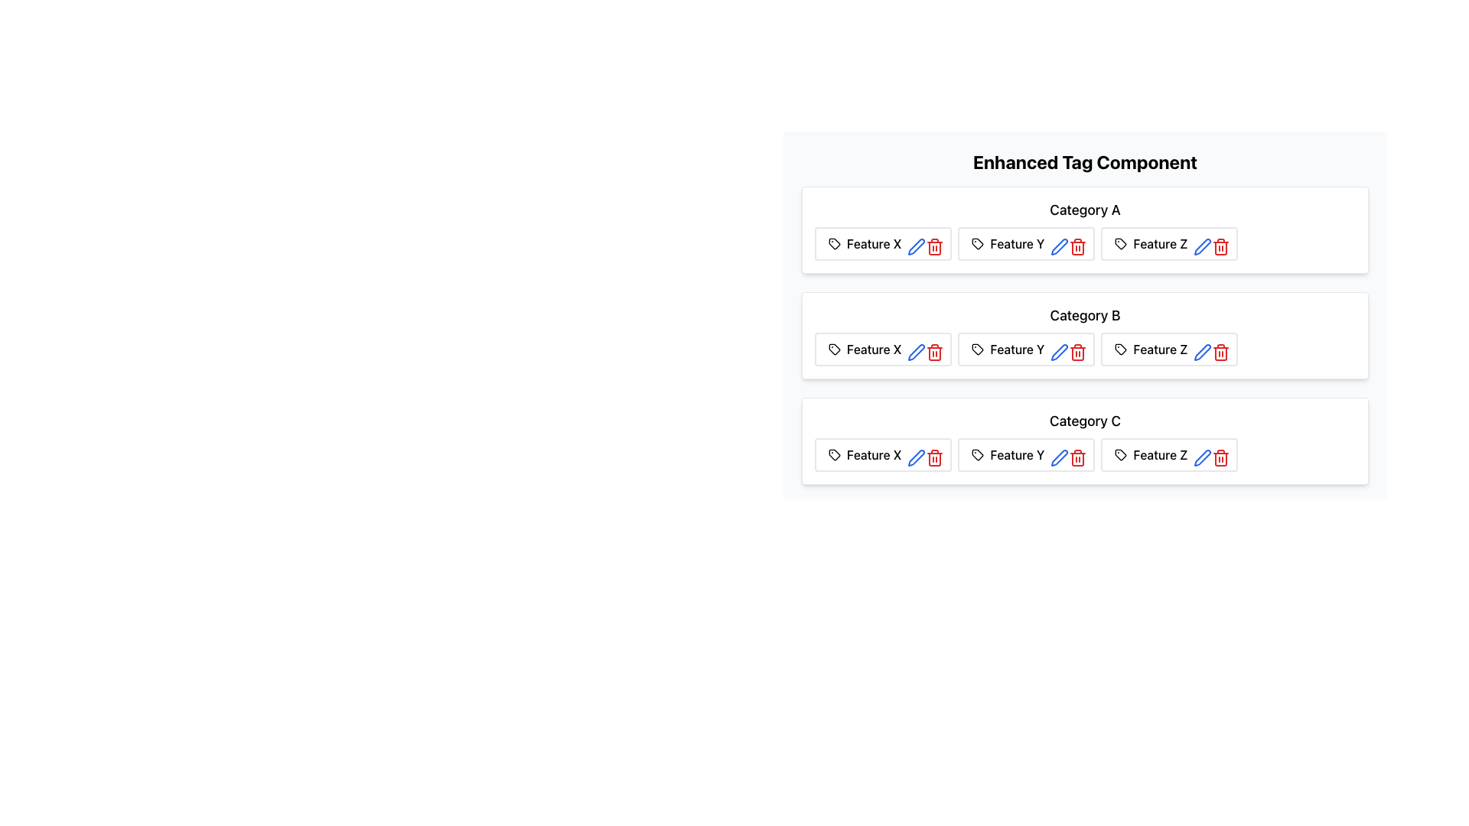 The height and width of the screenshot is (826, 1469). What do you see at coordinates (976, 348) in the screenshot?
I see `the SVG graphic icon indicating 'Feature Y' in the second row (Category B) of the interface` at bounding box center [976, 348].